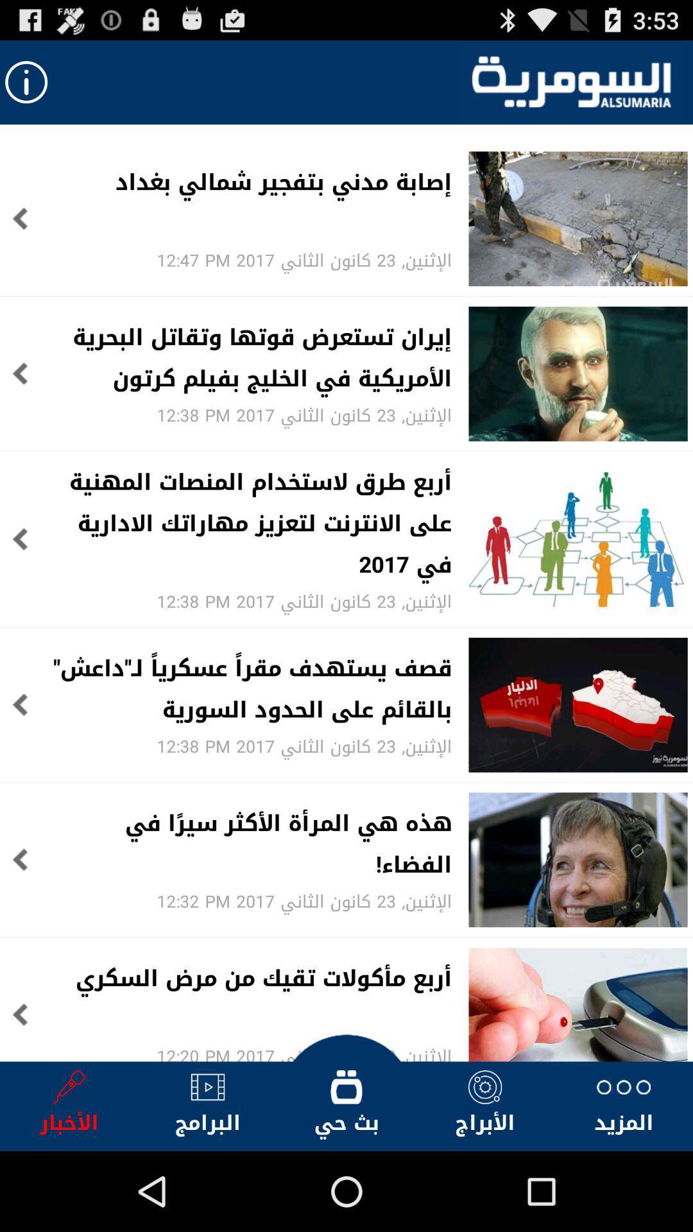 Image resolution: width=693 pixels, height=1232 pixels. I want to click on the info icon, so click(26, 87).